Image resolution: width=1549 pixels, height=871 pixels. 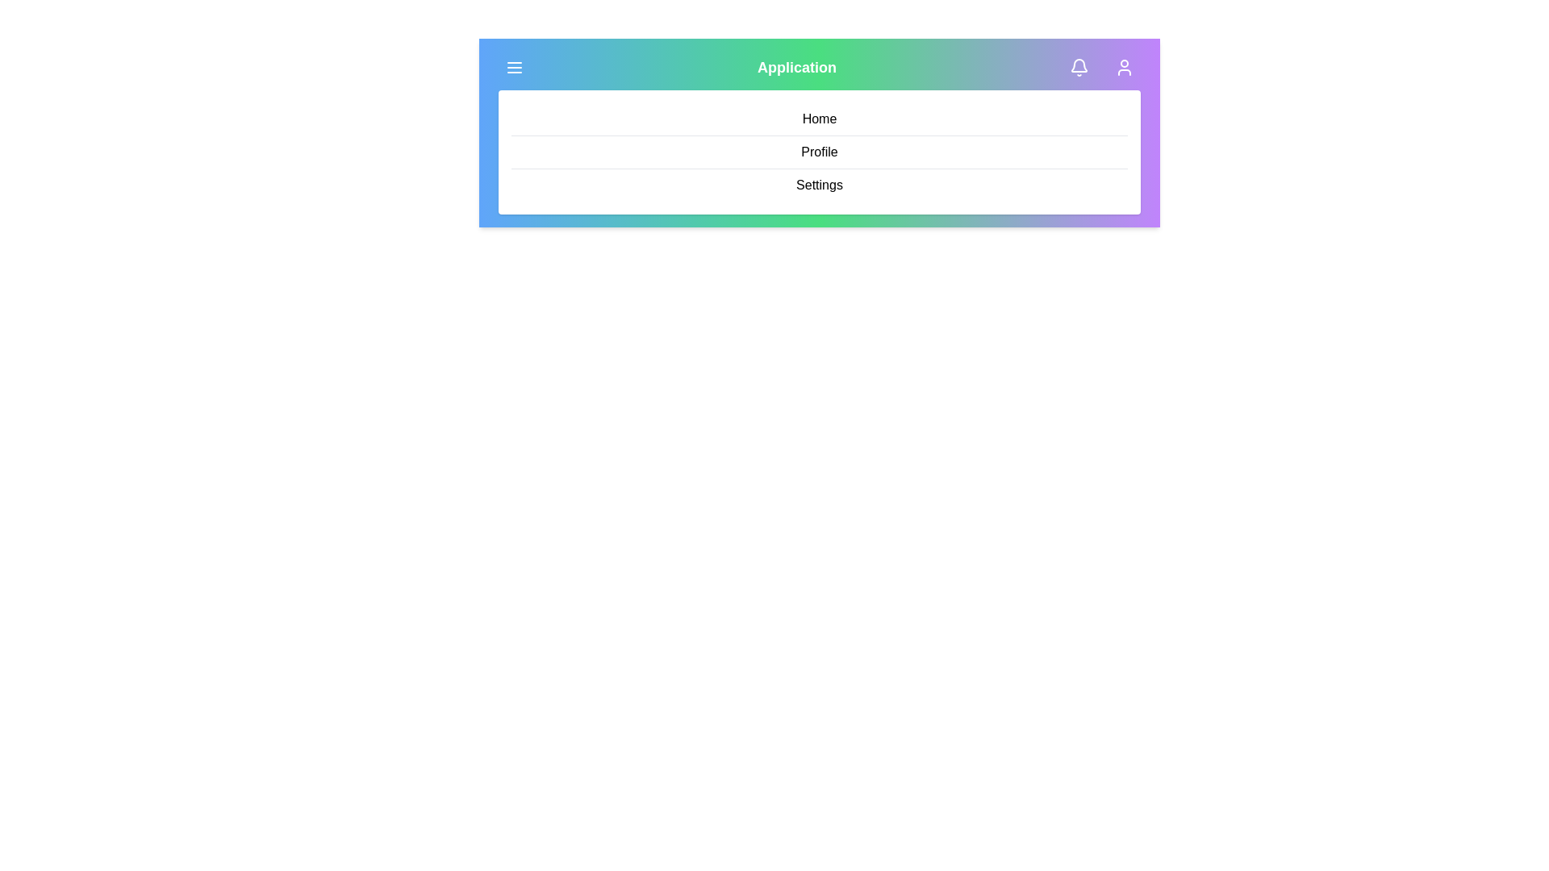 I want to click on the menu item Home from the options Home, Profile, and Settings, so click(x=820, y=119).